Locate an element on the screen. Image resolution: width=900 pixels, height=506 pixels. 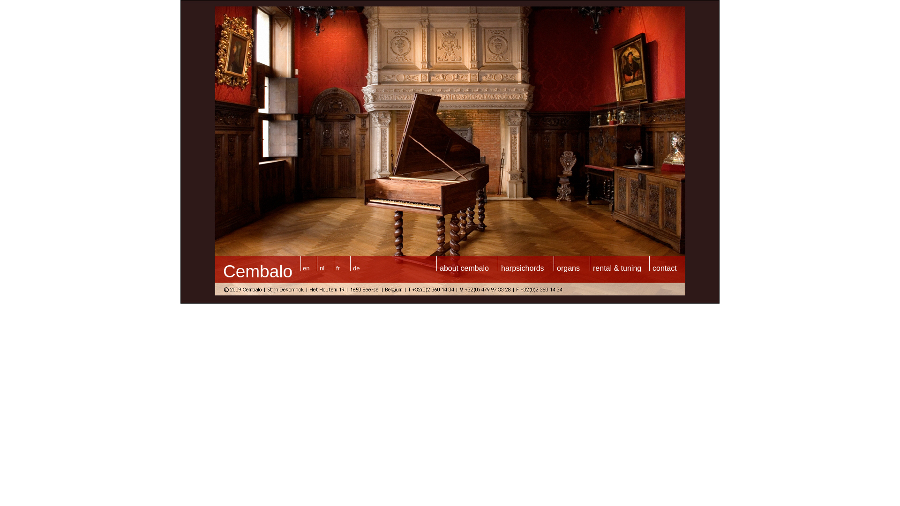
'organs' is located at coordinates (568, 268).